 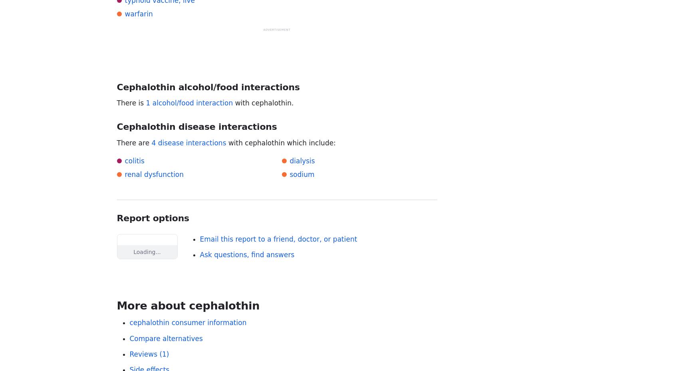 What do you see at coordinates (188, 143) in the screenshot?
I see `'4 disease interactions'` at bounding box center [188, 143].